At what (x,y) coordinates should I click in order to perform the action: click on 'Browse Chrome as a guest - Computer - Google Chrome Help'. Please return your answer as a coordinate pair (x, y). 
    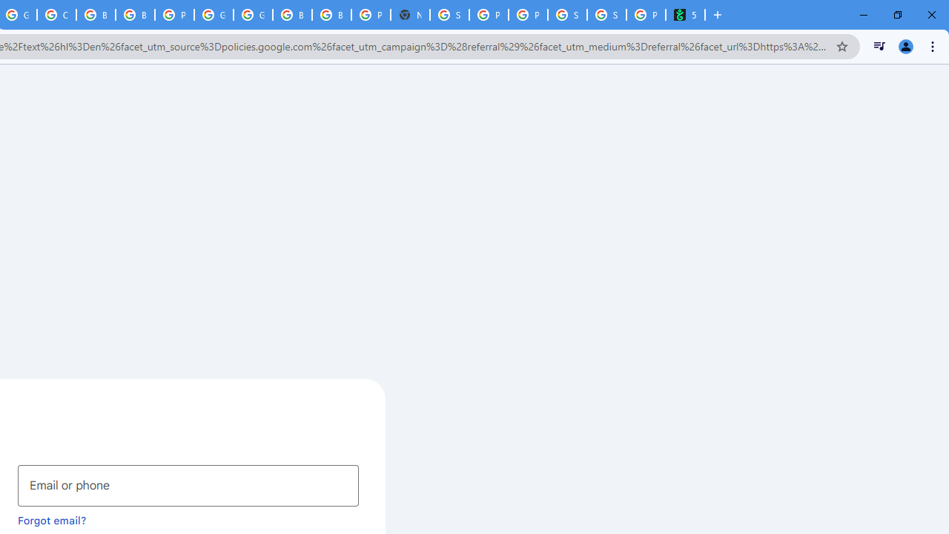
    Looking at the image, I should click on (331, 15).